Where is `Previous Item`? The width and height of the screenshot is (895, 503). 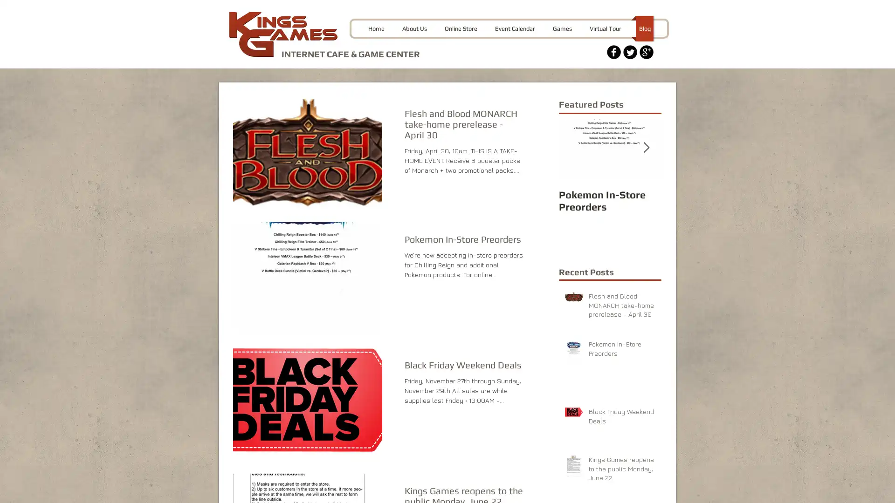
Previous Item is located at coordinates (573, 147).